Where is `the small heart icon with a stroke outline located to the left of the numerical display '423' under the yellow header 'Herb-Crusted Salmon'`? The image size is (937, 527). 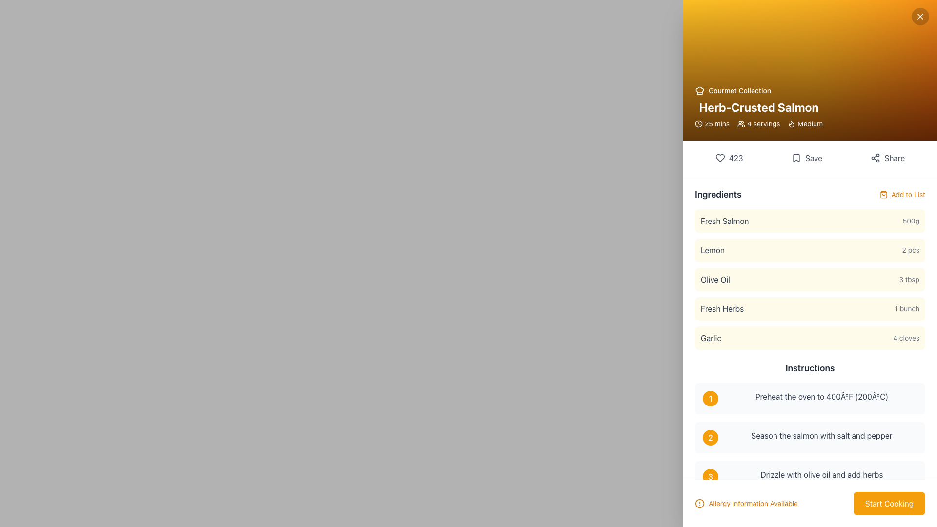 the small heart icon with a stroke outline located to the left of the numerical display '423' under the yellow header 'Herb-Crusted Salmon' is located at coordinates (720, 158).